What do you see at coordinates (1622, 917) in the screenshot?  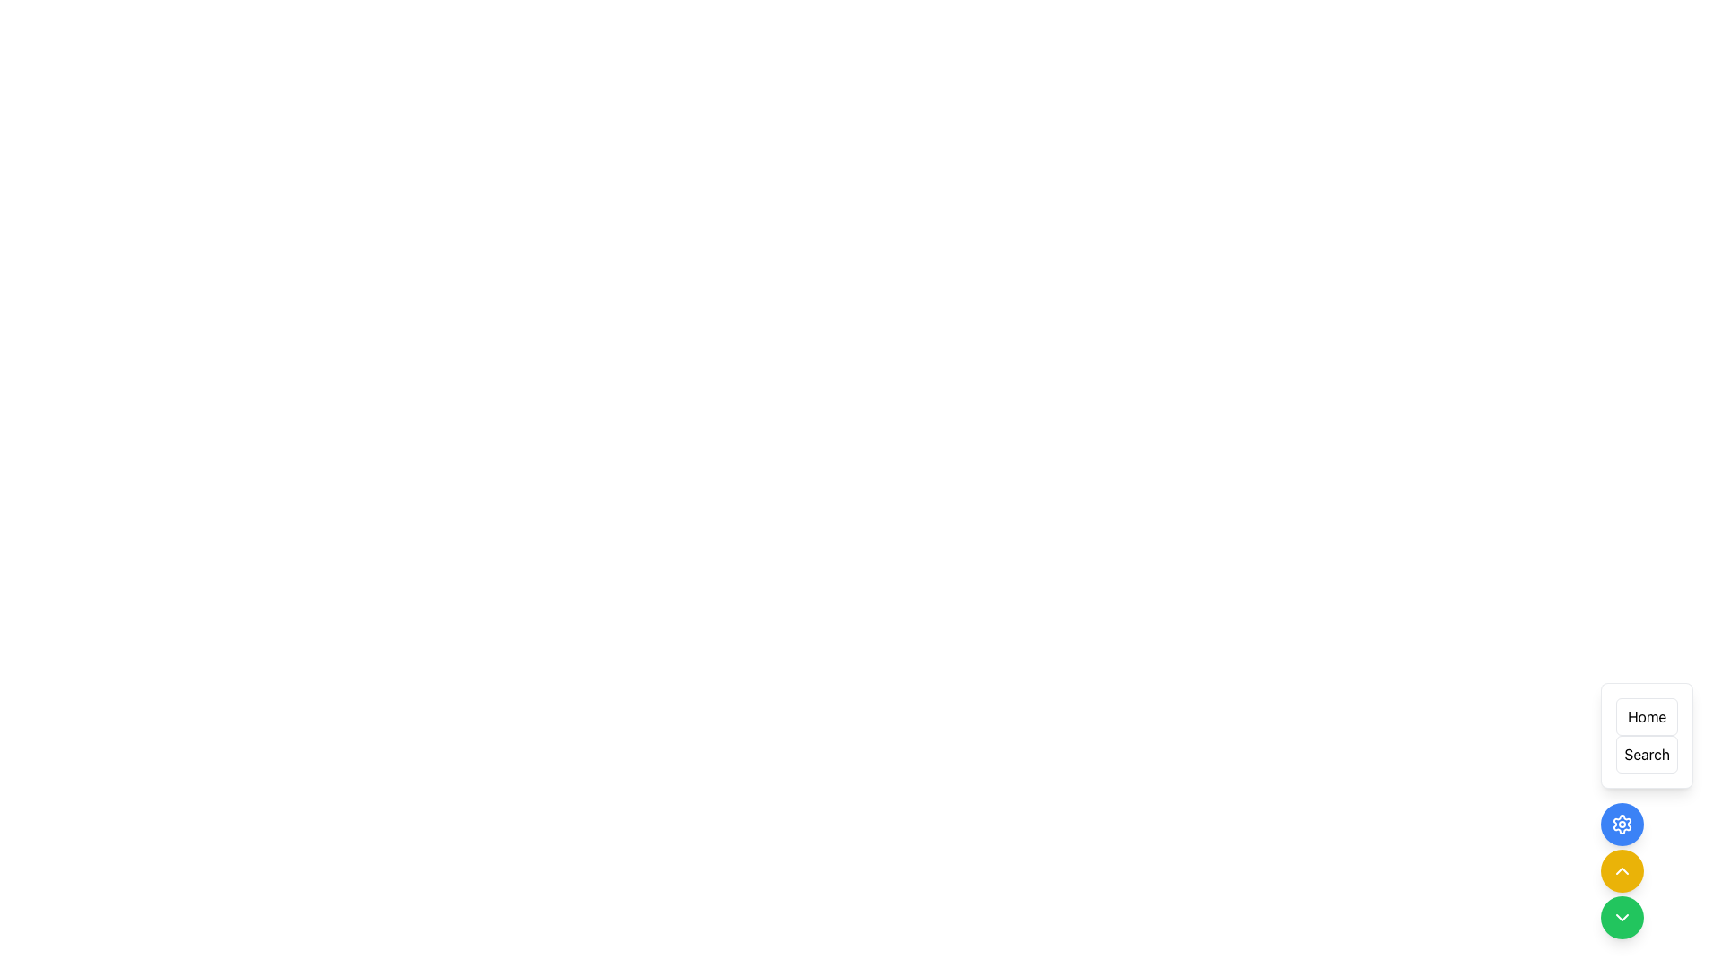 I see `the circular button at the bottom of the vertical stack` at bounding box center [1622, 917].